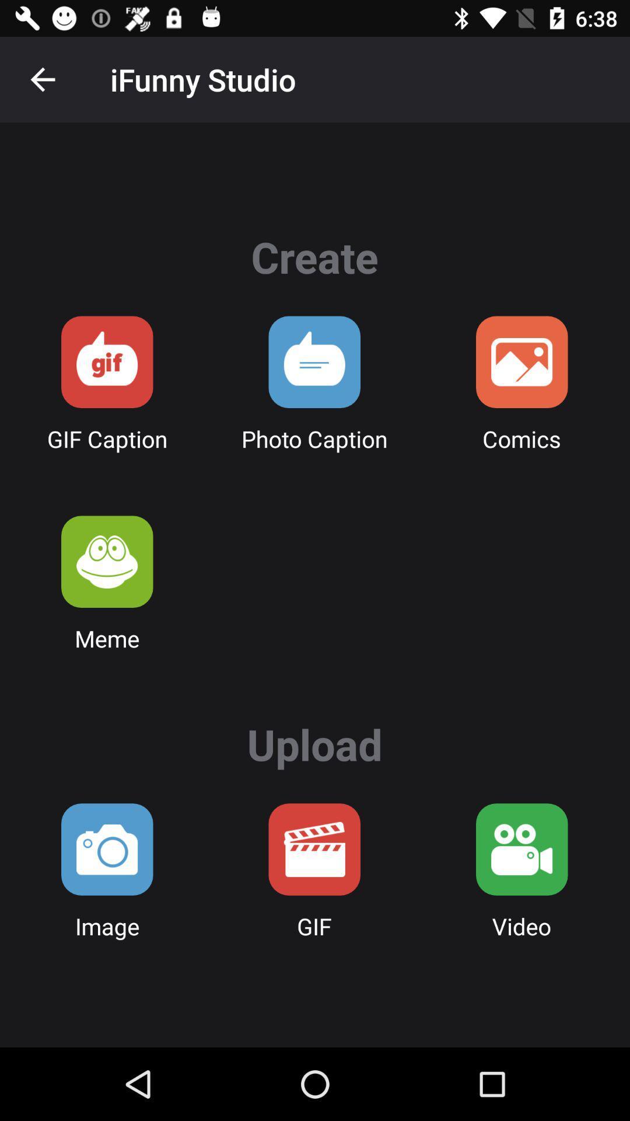  Describe the element at coordinates (107, 849) in the screenshot. I see `take photo to upload` at that location.